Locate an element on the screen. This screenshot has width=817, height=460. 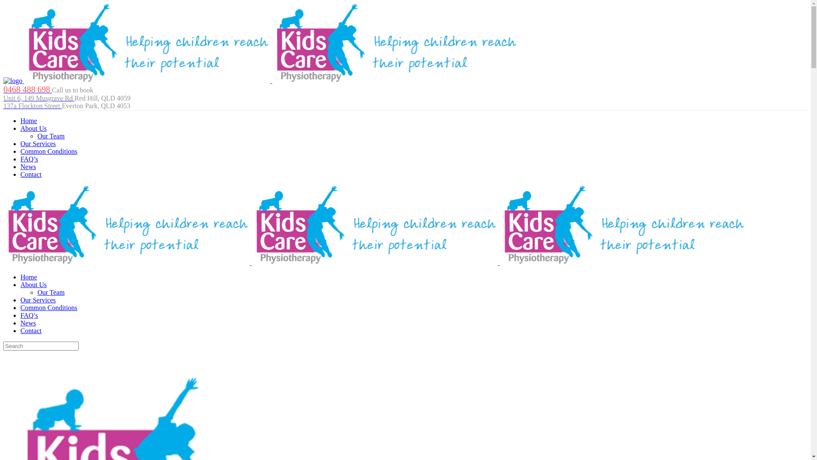
'Contact' is located at coordinates (20, 174).